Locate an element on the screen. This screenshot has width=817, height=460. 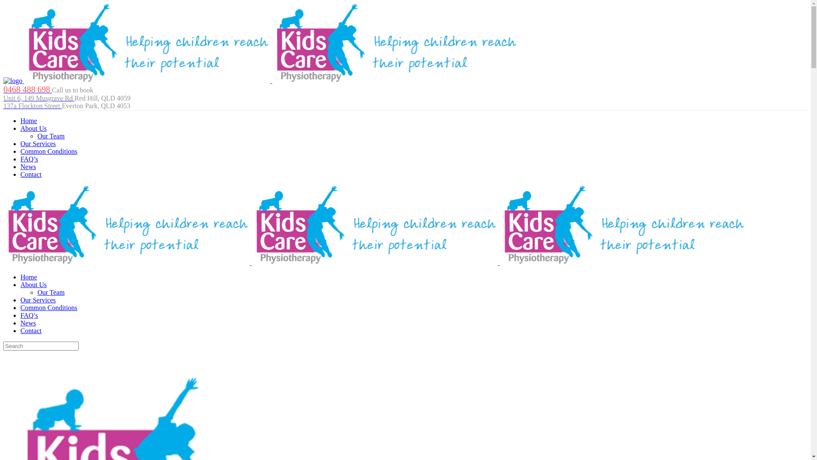
'Contact' is located at coordinates (20, 174).